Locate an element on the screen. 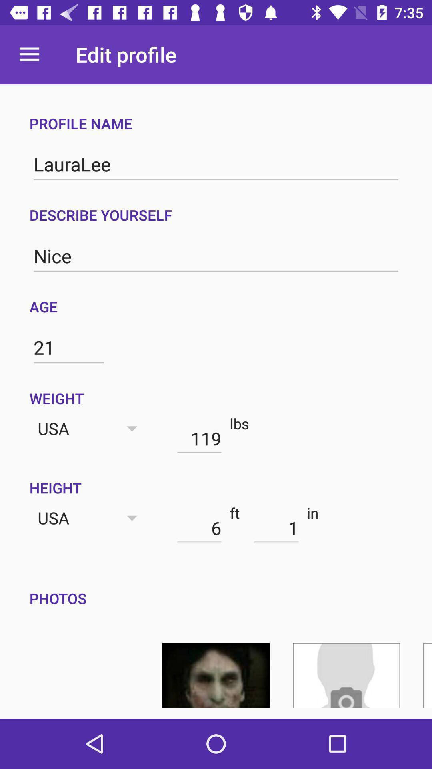 The width and height of the screenshot is (432, 769). item below age is located at coordinates (68, 348).